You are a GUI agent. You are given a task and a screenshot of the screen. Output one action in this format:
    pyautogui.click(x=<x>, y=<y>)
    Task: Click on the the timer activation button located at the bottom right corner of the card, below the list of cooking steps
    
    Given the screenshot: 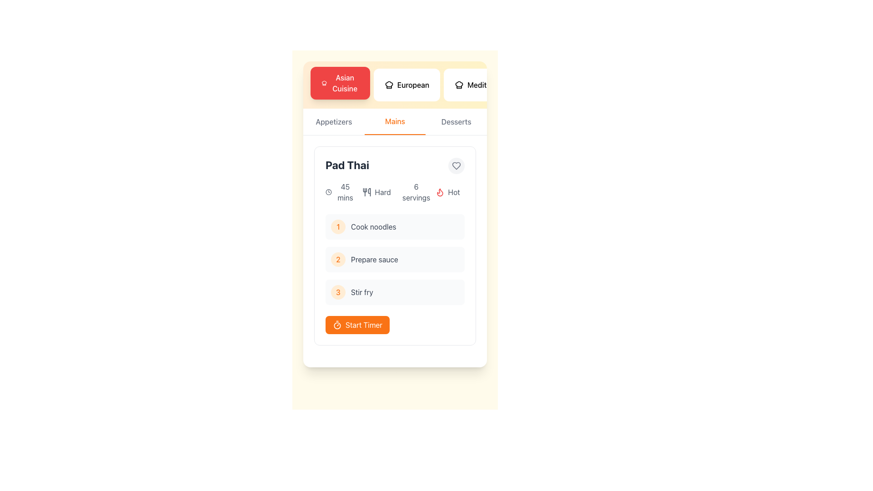 What is the action you would take?
    pyautogui.click(x=357, y=324)
    